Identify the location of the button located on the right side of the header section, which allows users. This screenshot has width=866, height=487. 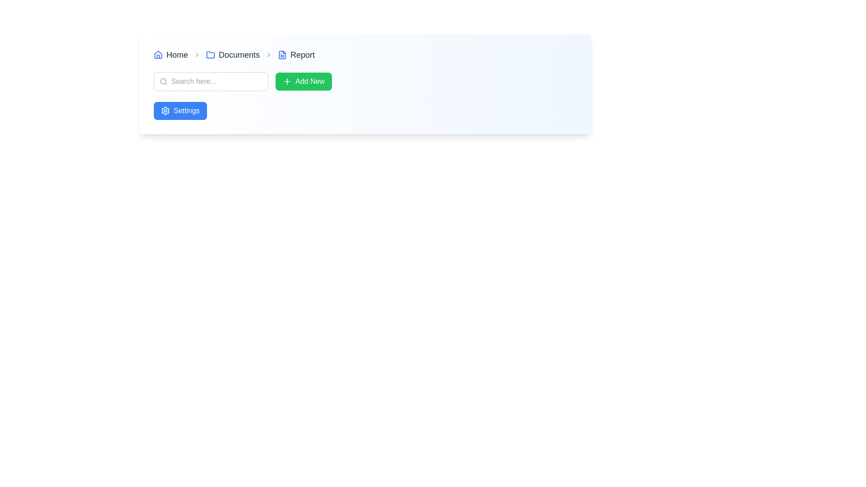
(304, 82).